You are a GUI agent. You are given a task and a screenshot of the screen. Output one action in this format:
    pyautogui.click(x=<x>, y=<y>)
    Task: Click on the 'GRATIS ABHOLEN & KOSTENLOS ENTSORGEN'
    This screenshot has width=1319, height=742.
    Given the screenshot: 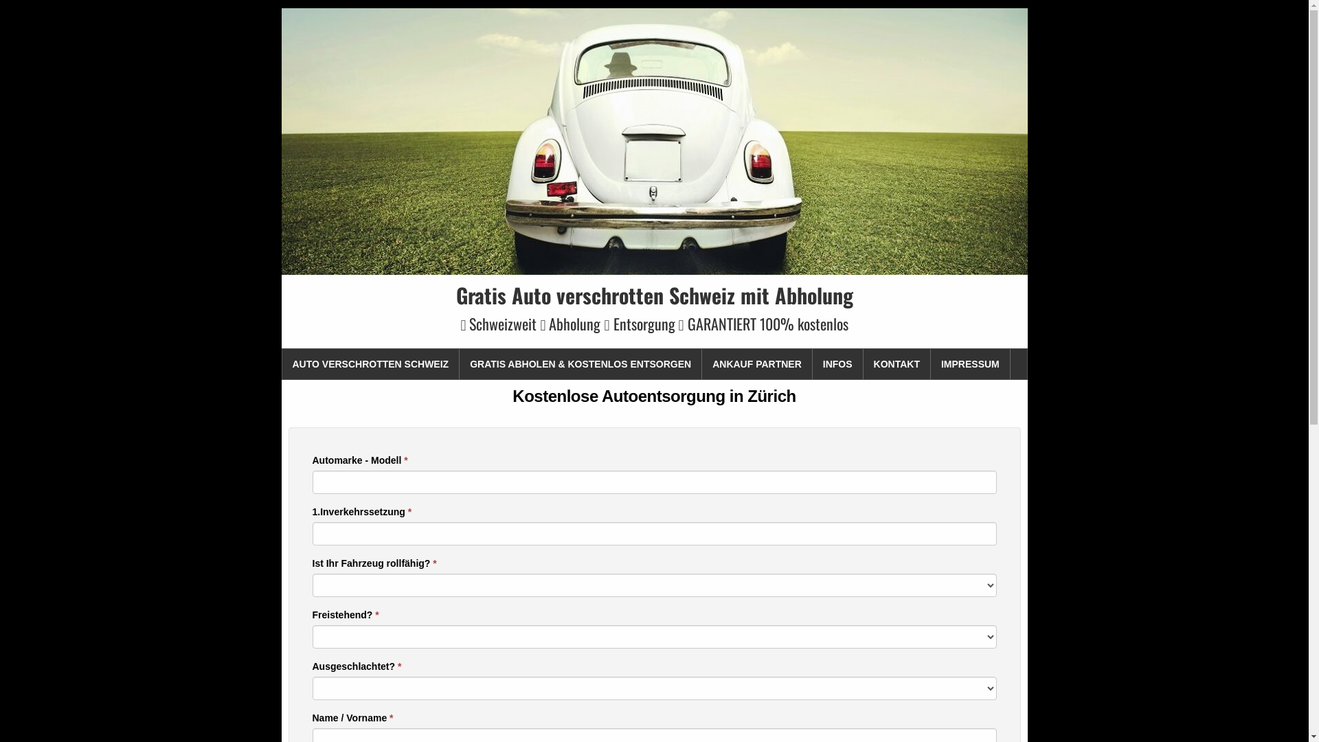 What is the action you would take?
    pyautogui.click(x=580, y=363)
    